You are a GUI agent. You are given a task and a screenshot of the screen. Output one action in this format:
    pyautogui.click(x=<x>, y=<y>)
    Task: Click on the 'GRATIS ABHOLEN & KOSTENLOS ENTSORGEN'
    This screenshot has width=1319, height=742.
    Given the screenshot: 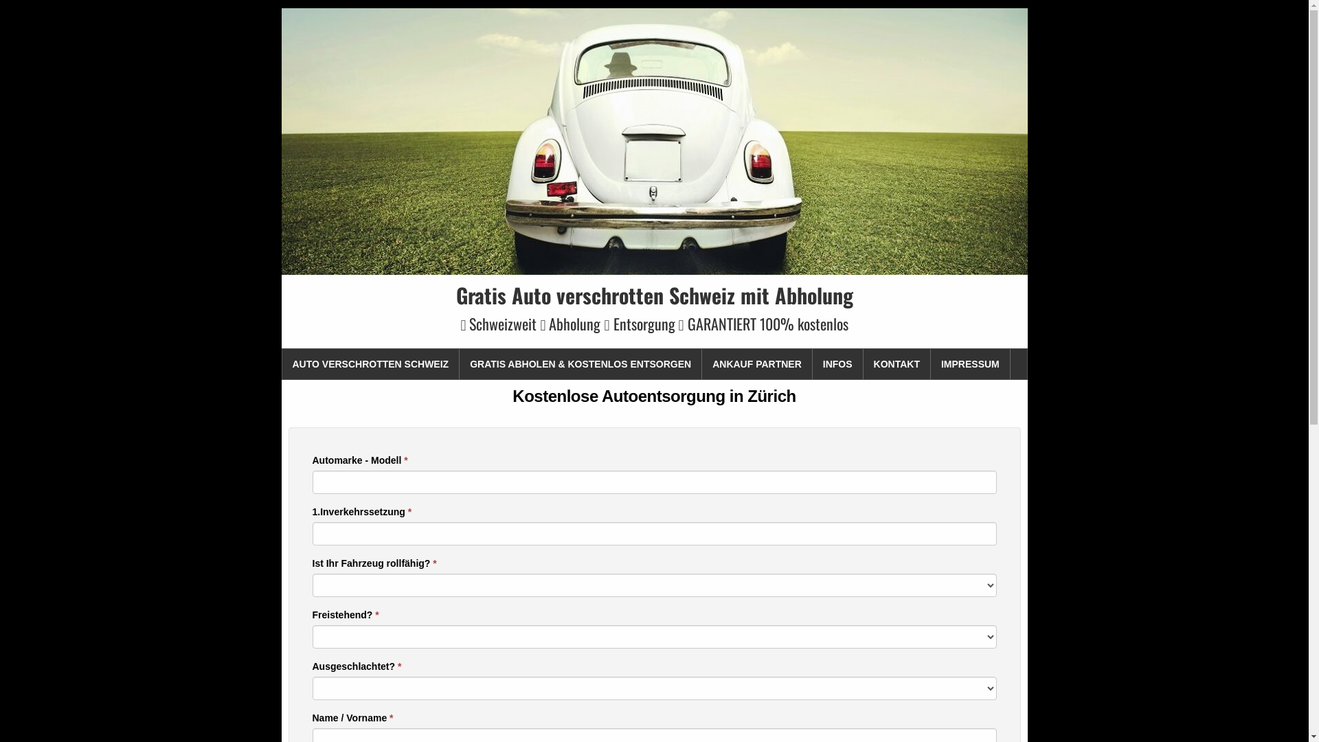 What is the action you would take?
    pyautogui.click(x=580, y=363)
    